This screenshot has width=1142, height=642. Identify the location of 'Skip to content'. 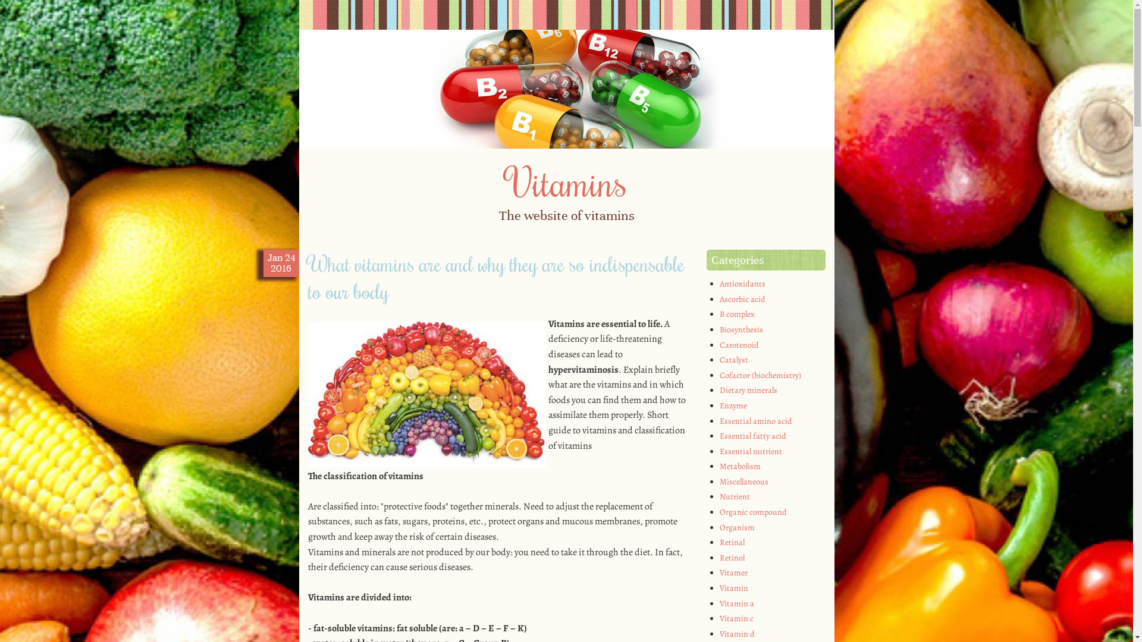
(299, 246).